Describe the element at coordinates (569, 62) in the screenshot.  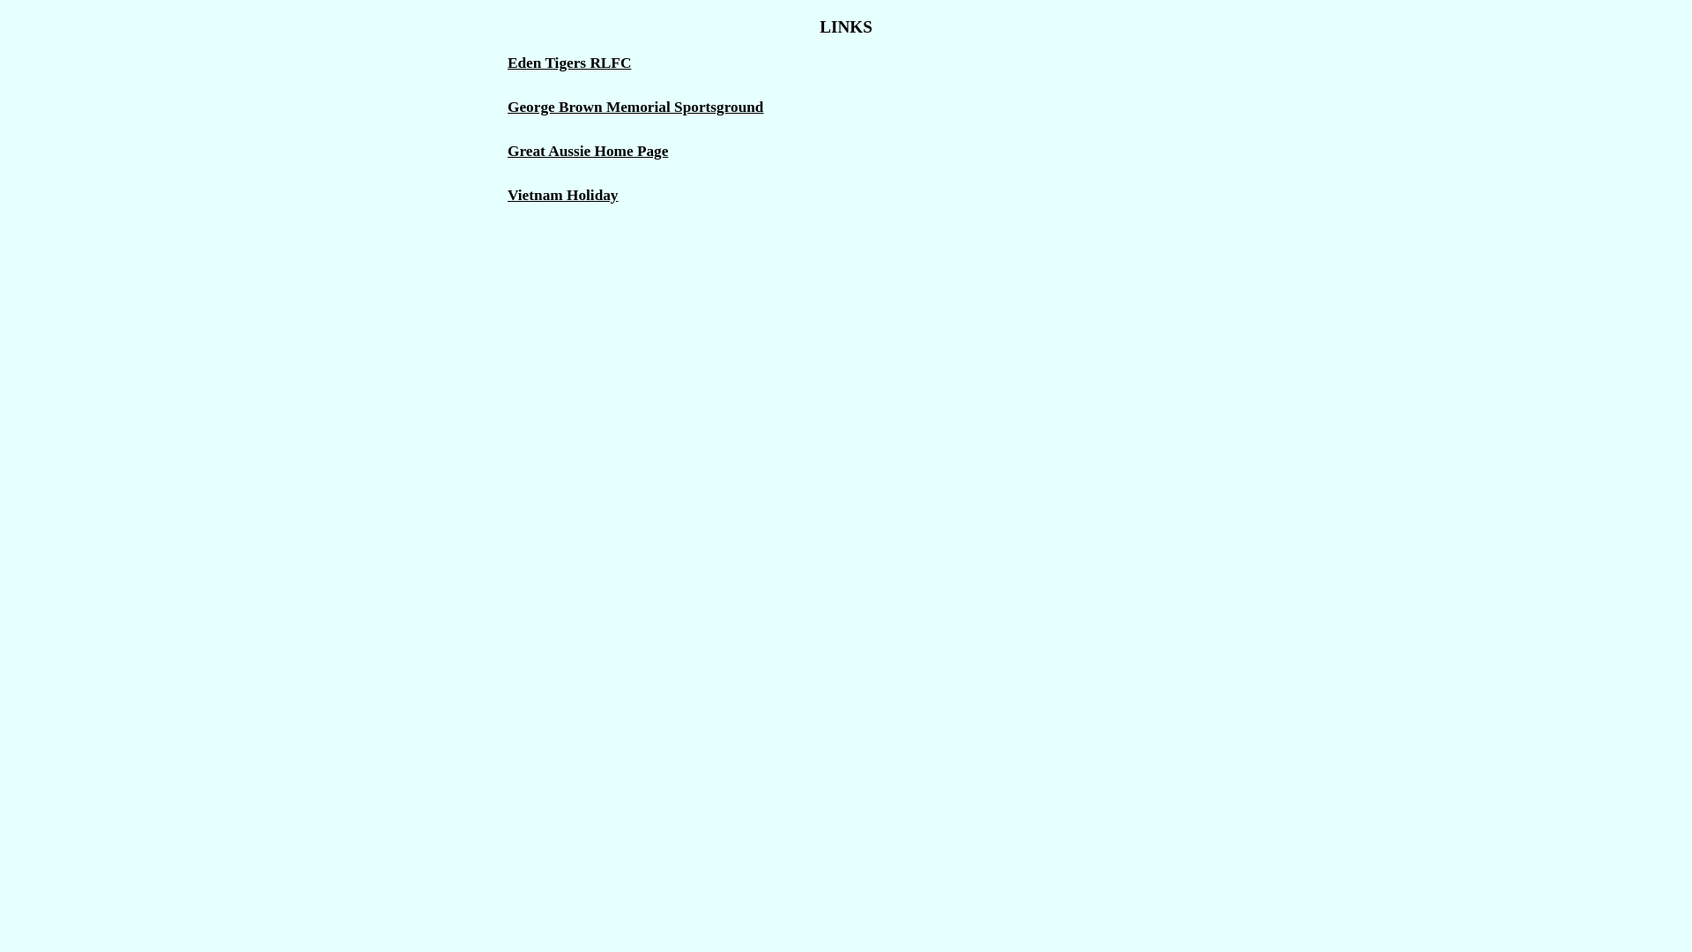
I see `'Eden Tigers RLFC'` at that location.